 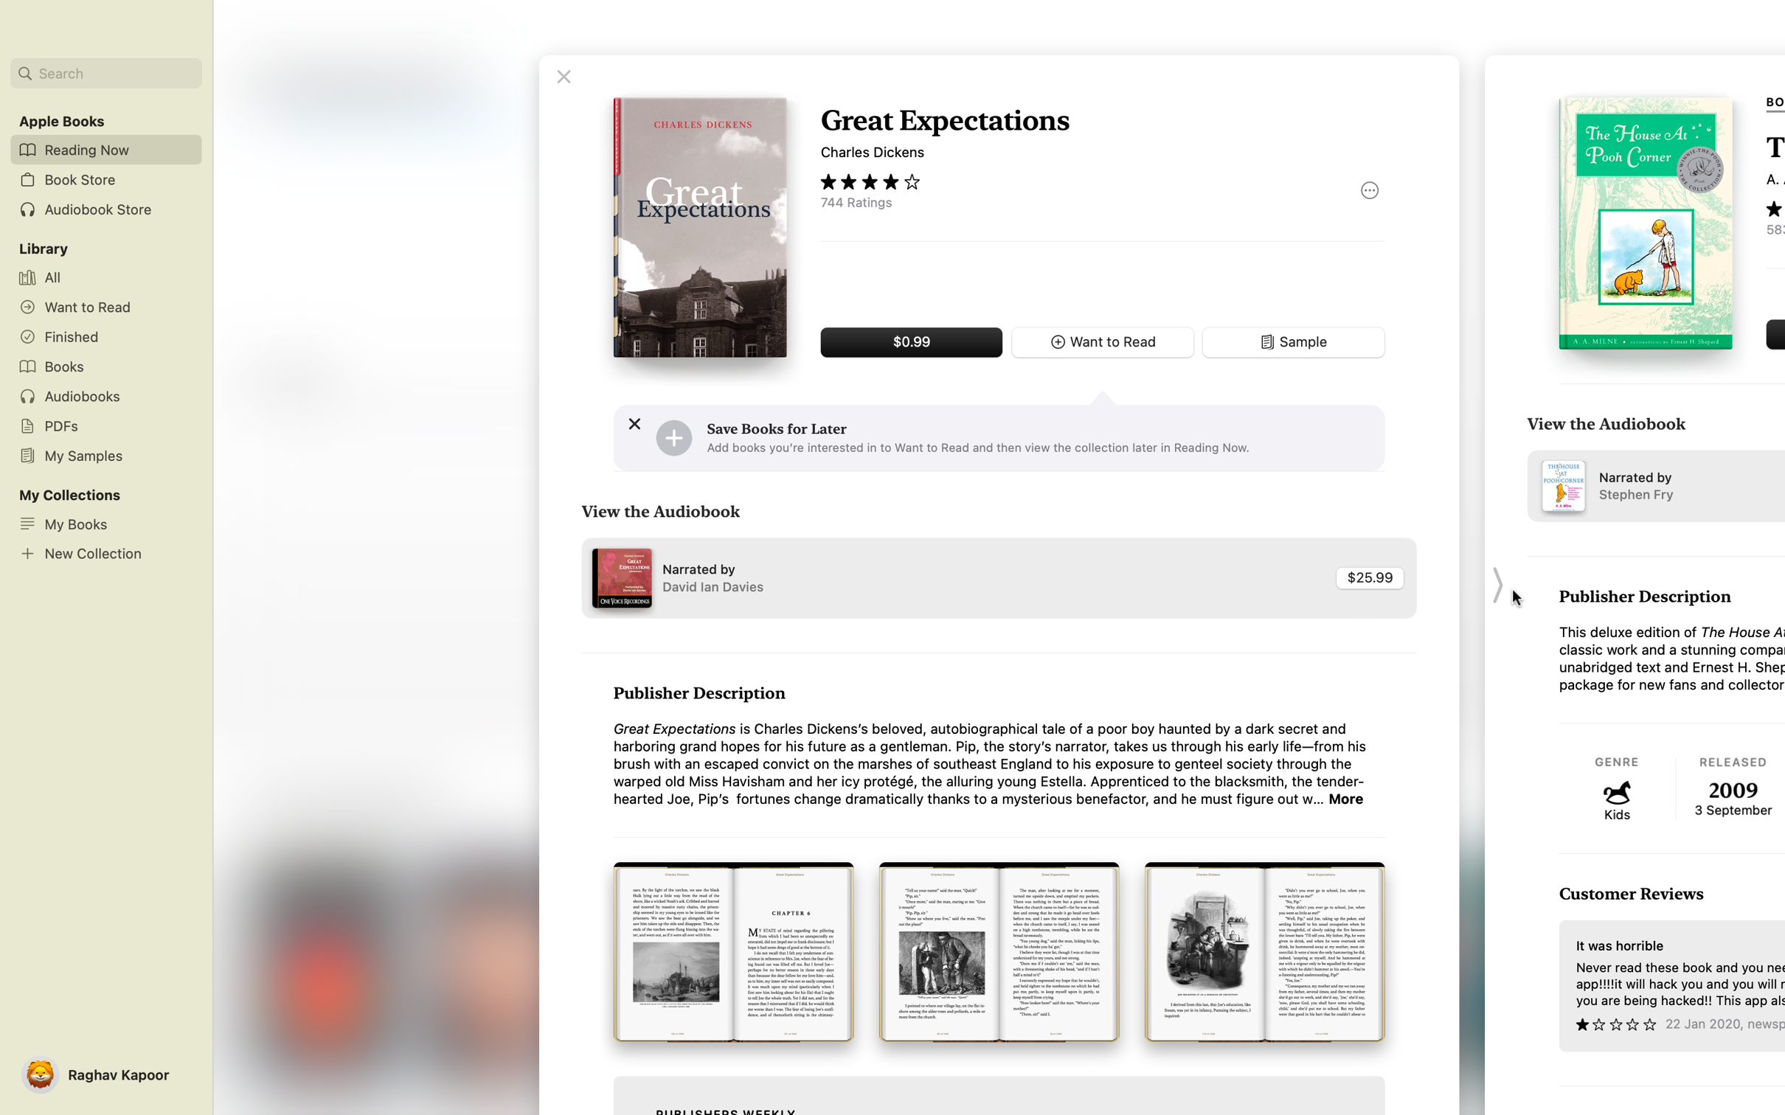 I want to click on Scroll downward to go through the reader"s evaluations of the book, so click(x=3355800, y=1230960).